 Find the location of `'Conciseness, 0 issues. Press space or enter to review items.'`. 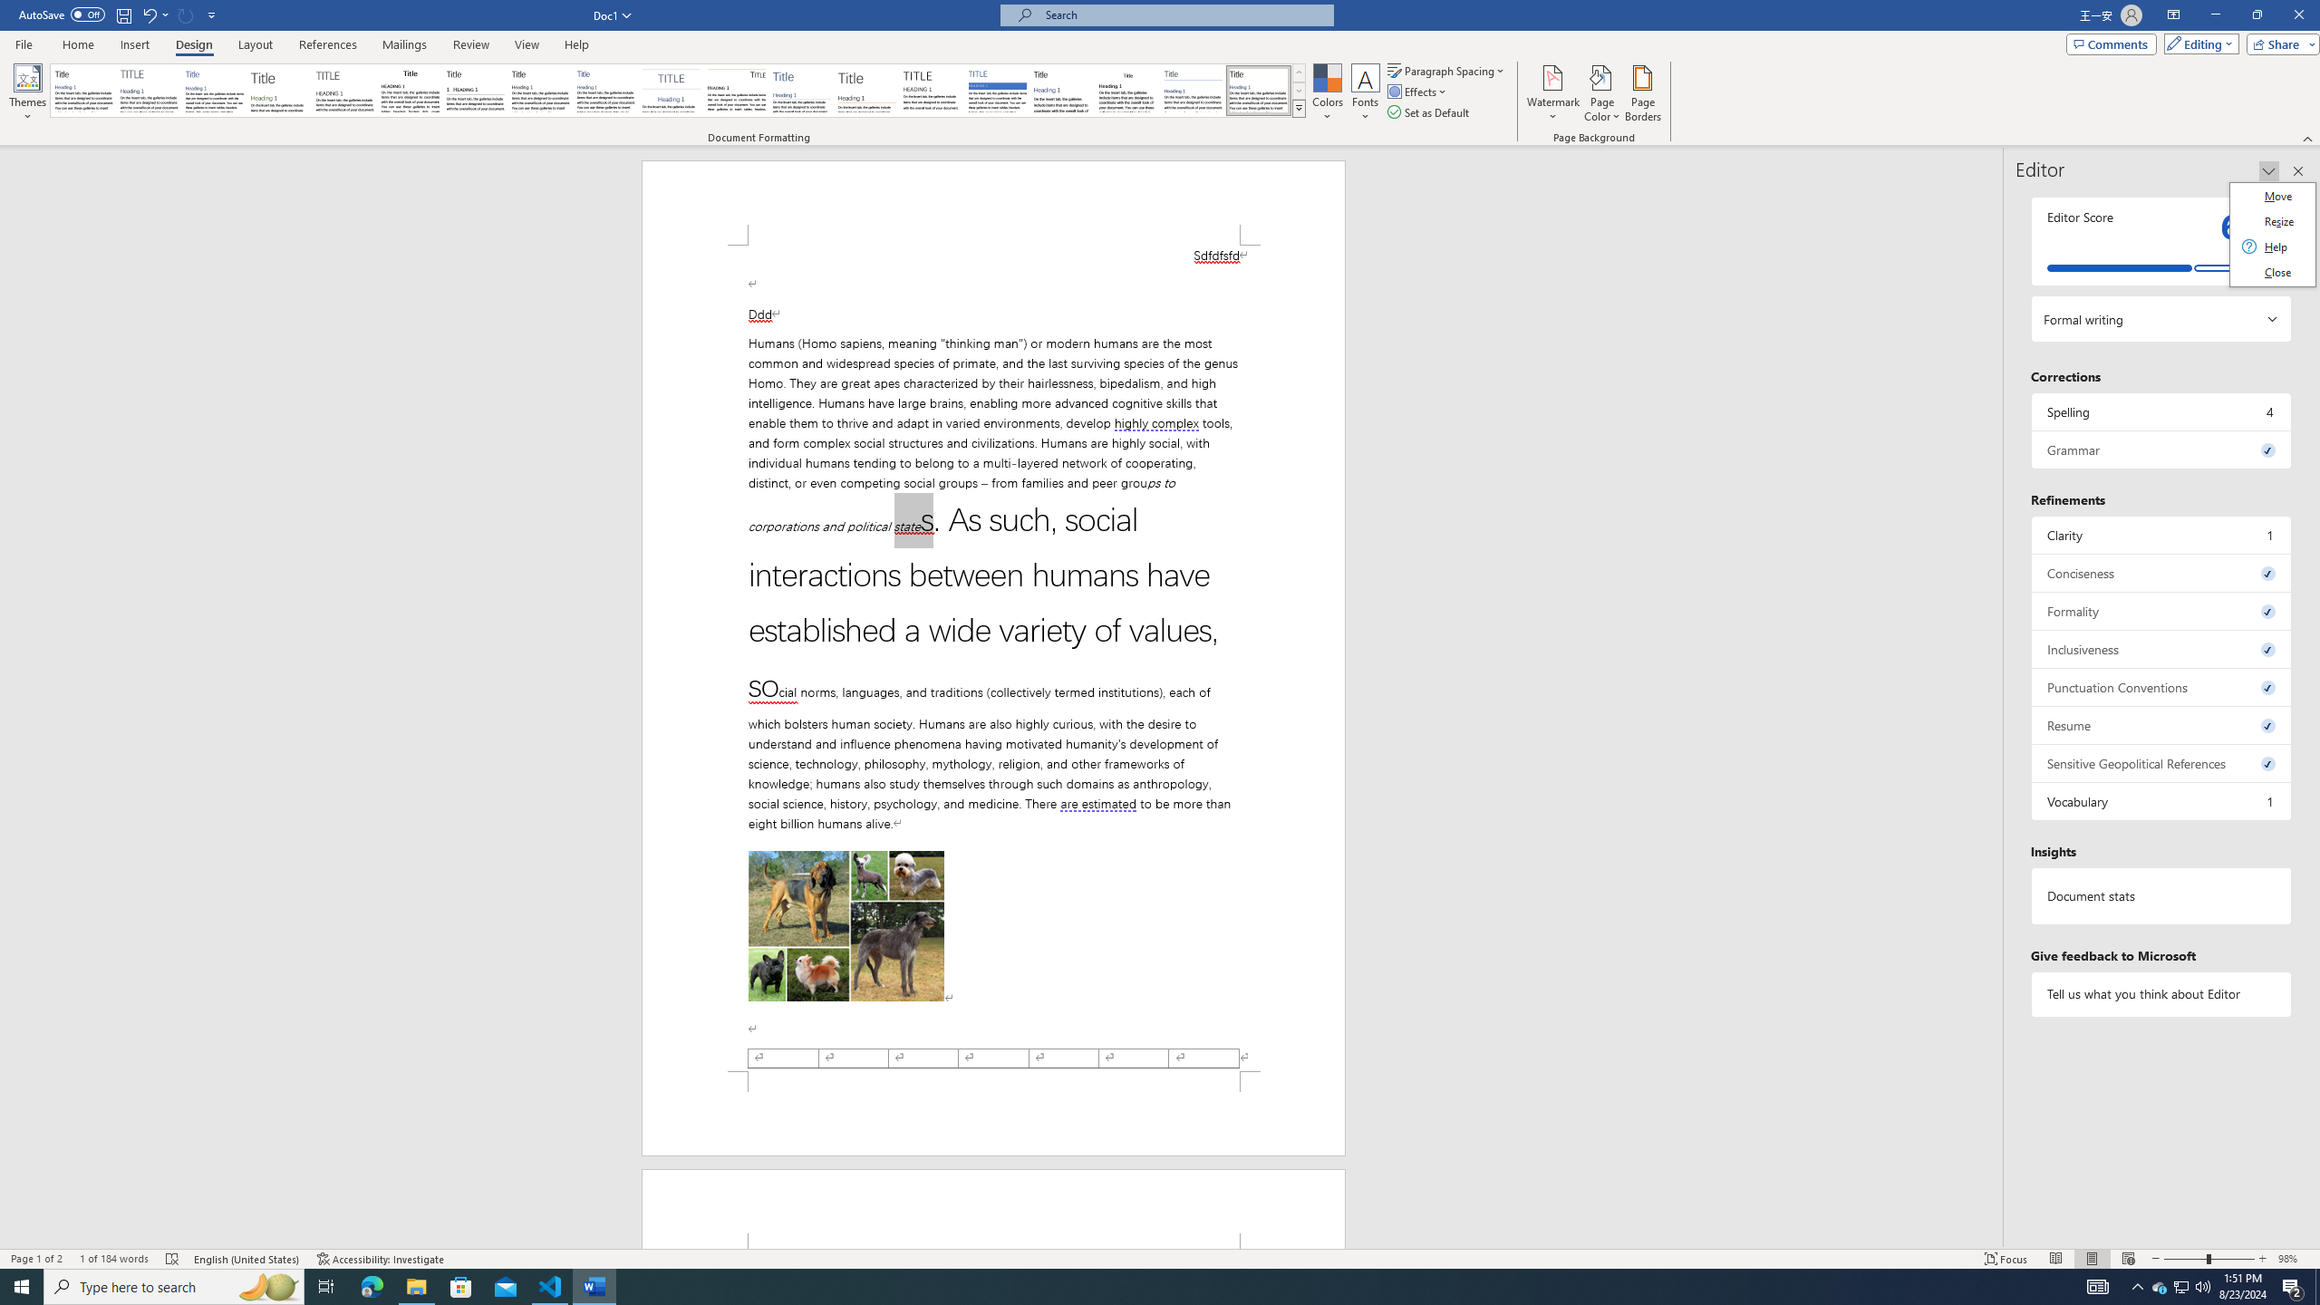

'Conciseness, 0 issues. Press space or enter to review items.' is located at coordinates (2160, 572).